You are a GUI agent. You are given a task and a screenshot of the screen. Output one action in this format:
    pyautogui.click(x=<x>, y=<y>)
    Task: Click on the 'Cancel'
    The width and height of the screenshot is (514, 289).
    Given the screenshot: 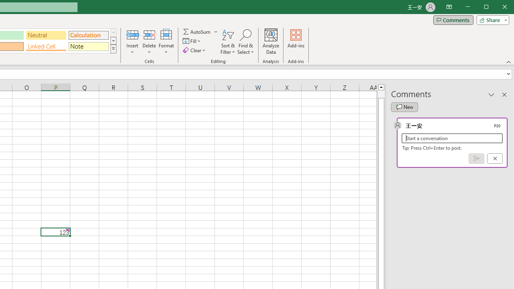 What is the action you would take?
    pyautogui.click(x=494, y=159)
    